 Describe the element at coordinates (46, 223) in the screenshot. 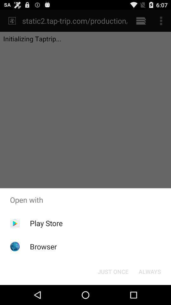

I see `item above browser` at that location.